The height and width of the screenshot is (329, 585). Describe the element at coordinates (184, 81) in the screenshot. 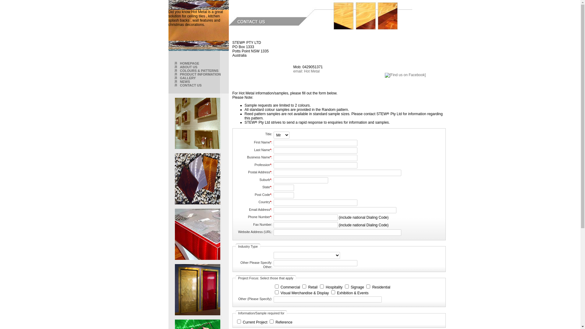

I see `'NEWS'` at that location.